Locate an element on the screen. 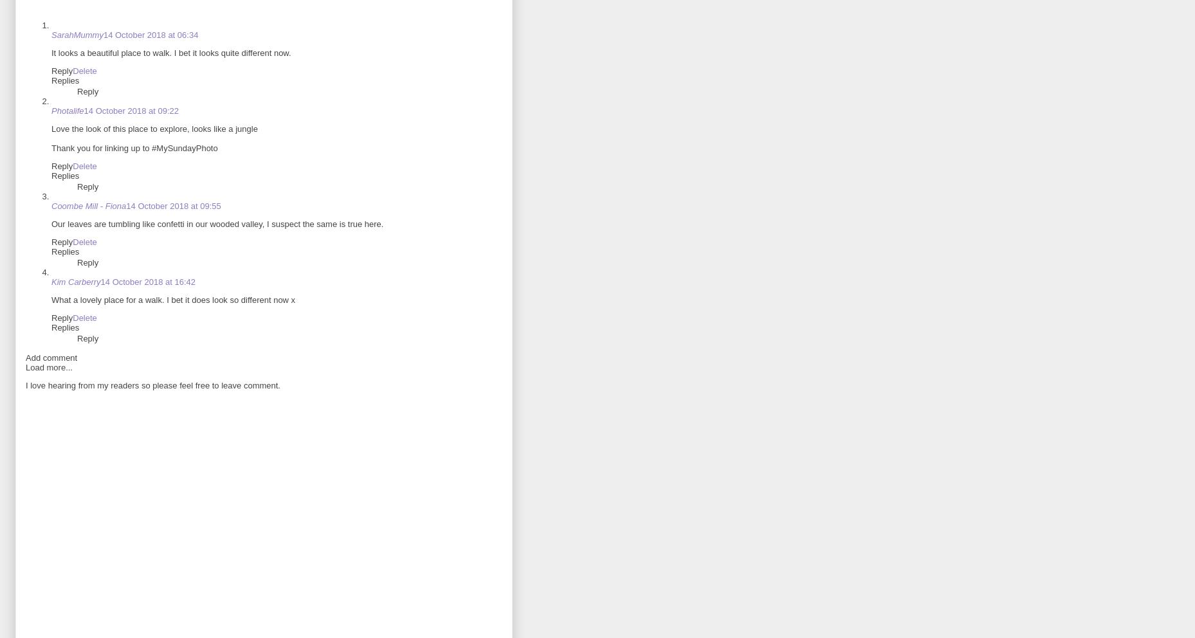 This screenshot has height=638, width=1195. 'Add comment' is located at coordinates (51, 358).